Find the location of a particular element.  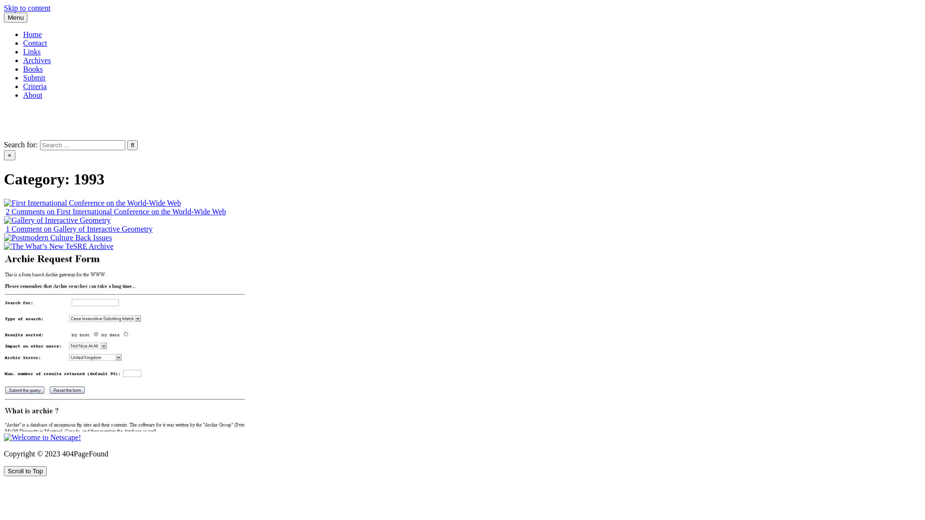

'404PageFound' is located at coordinates (27, 111).